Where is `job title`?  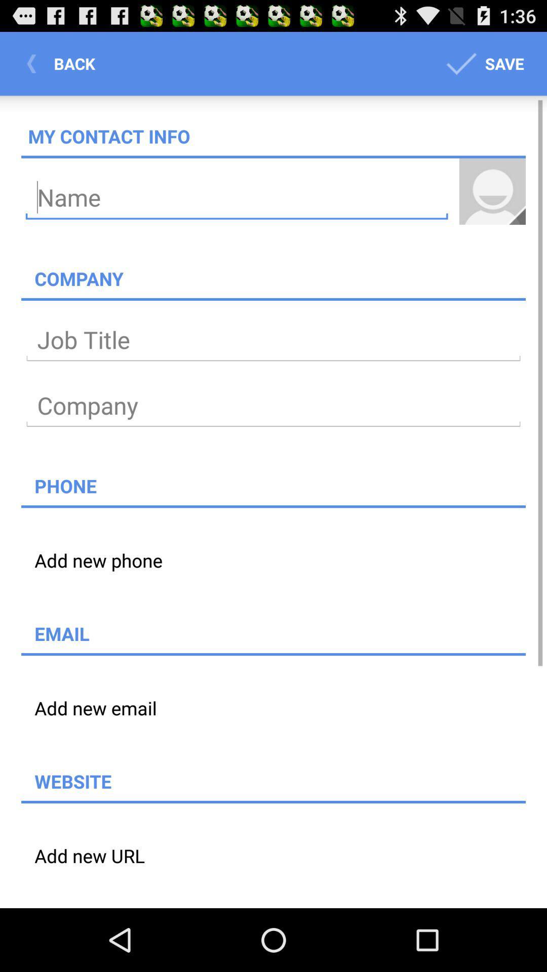
job title is located at coordinates (273, 340).